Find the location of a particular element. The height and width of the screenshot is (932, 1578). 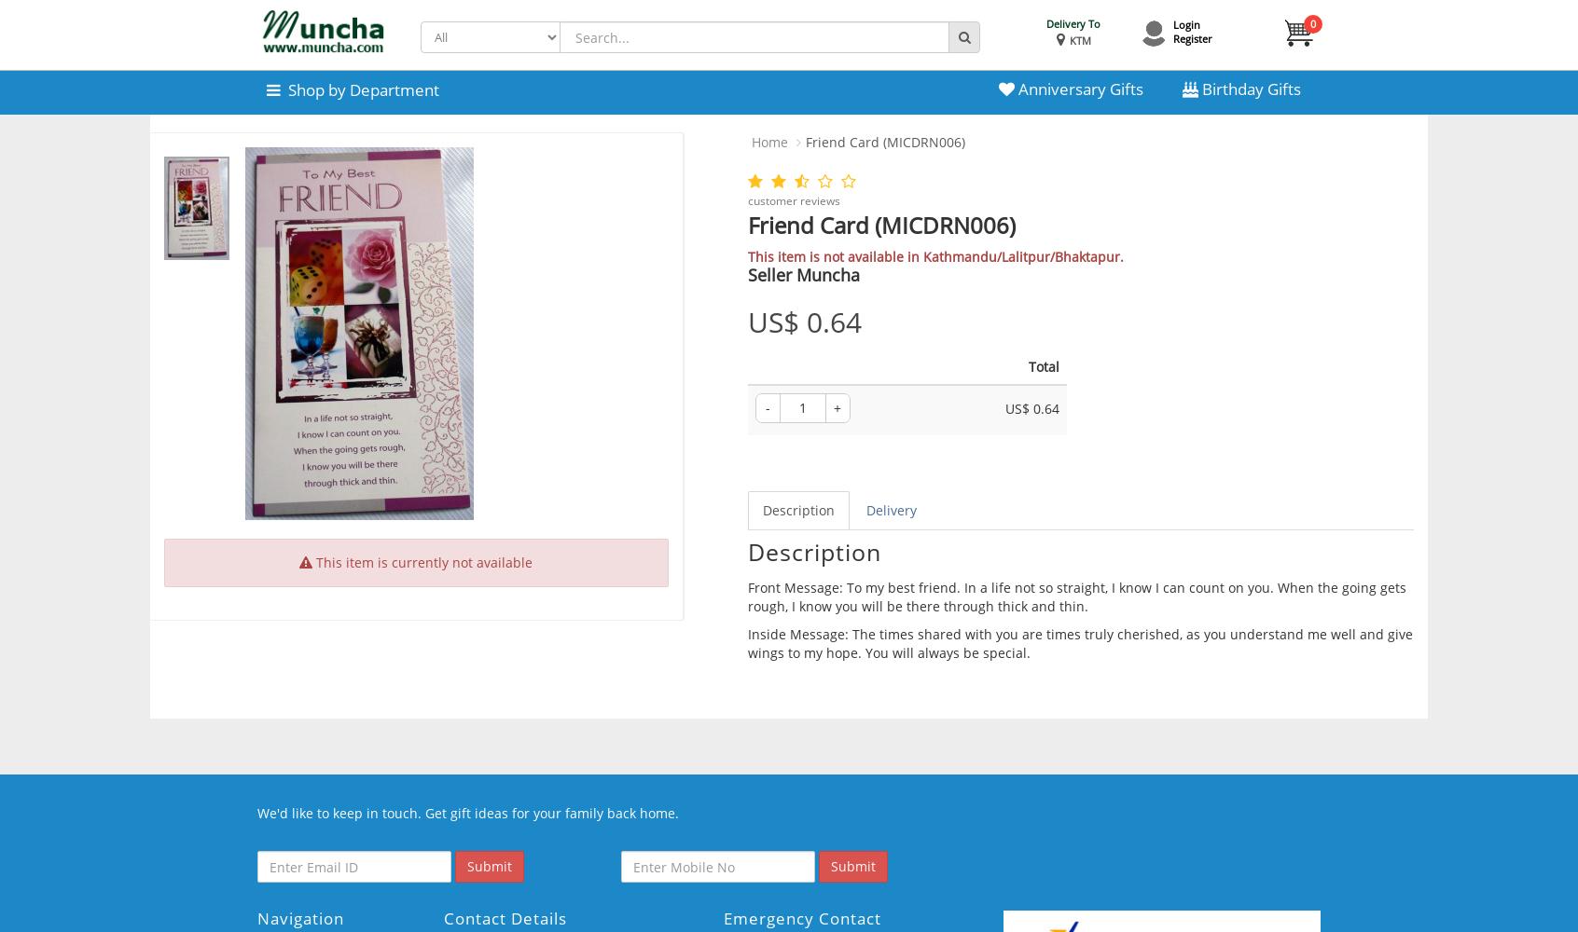

'Home' is located at coordinates (768, 142).